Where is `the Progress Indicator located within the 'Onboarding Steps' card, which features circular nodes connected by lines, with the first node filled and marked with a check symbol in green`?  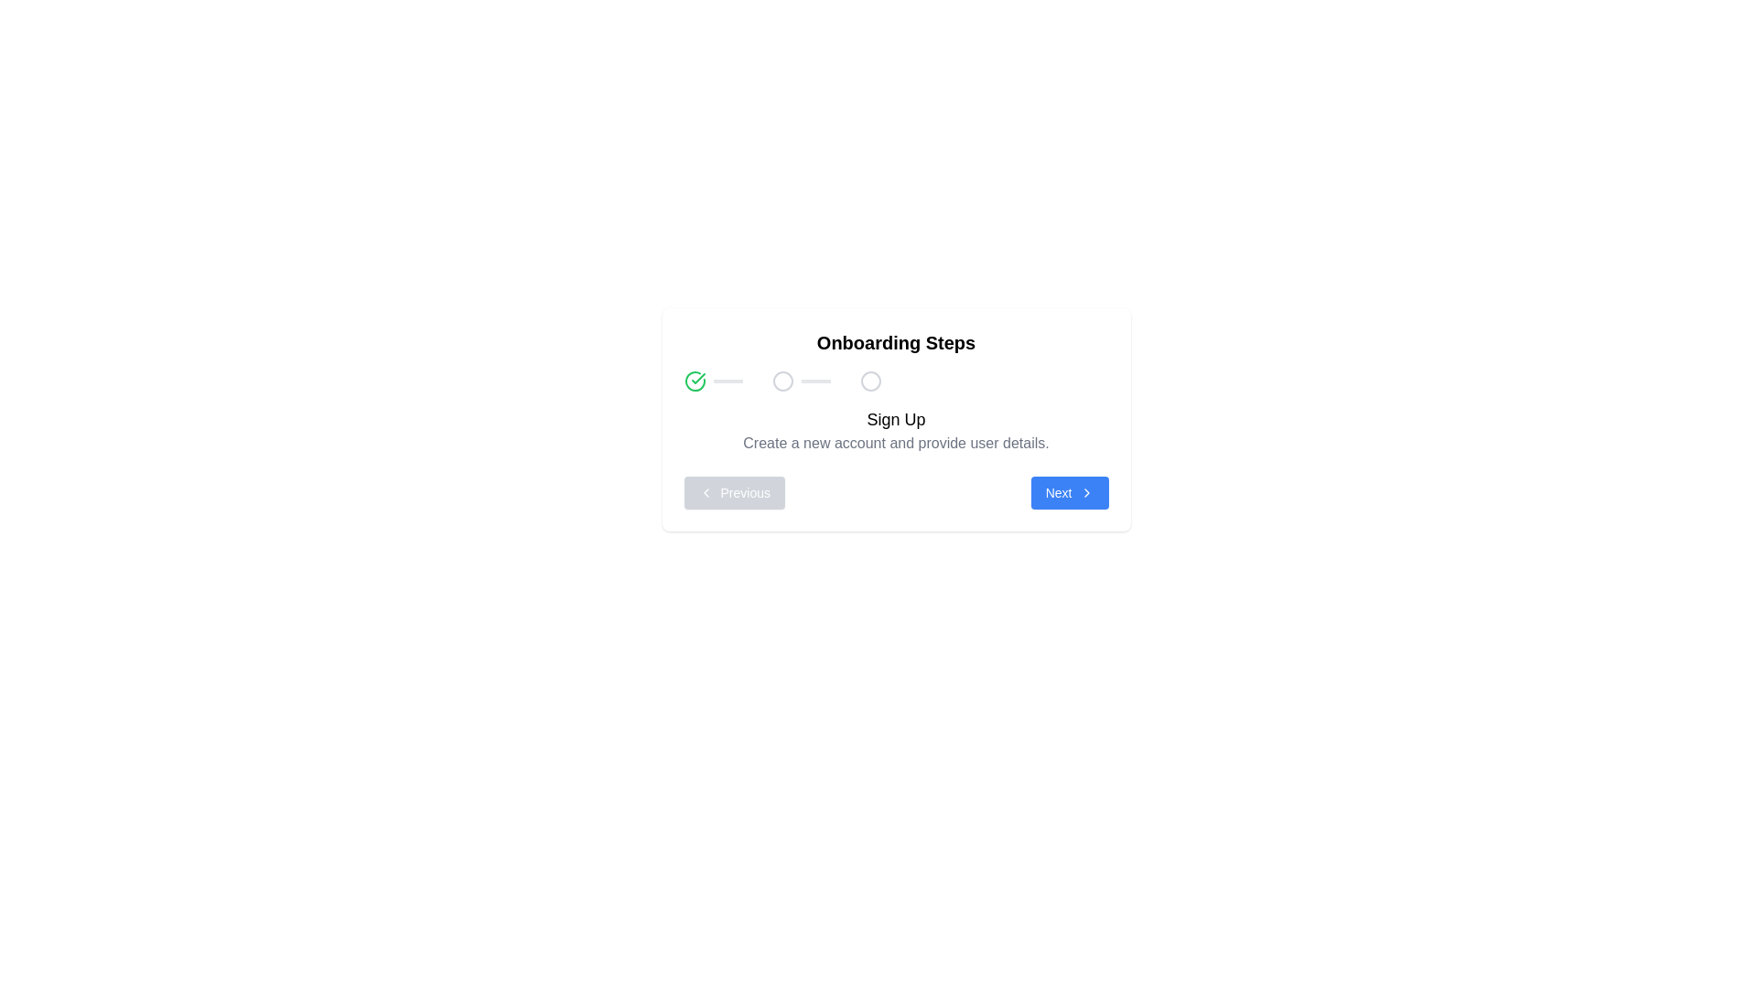 the Progress Indicator located within the 'Onboarding Steps' card, which features circular nodes connected by lines, with the first node filled and marked with a check symbol in green is located at coordinates (896, 380).